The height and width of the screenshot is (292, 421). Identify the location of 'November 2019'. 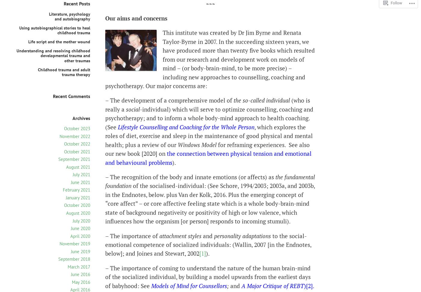
(75, 243).